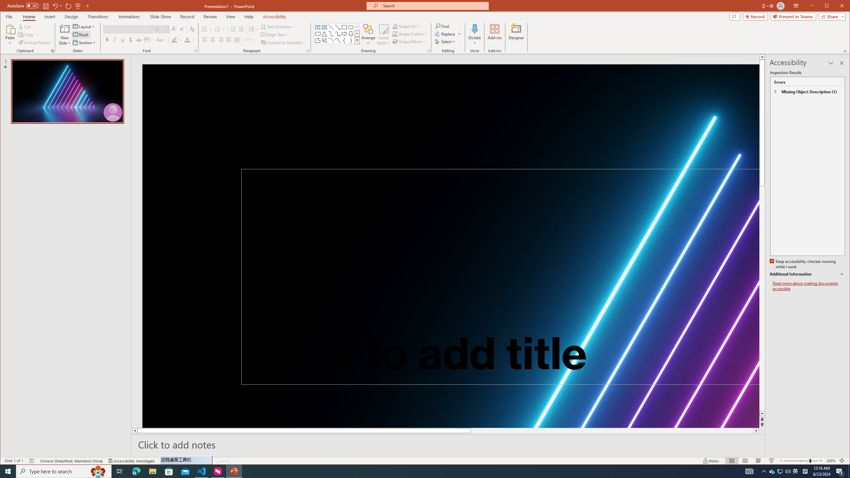 Image resolution: width=850 pixels, height=478 pixels. What do you see at coordinates (202, 471) in the screenshot?
I see `'Visual Studio Code - 1 running window'` at bounding box center [202, 471].